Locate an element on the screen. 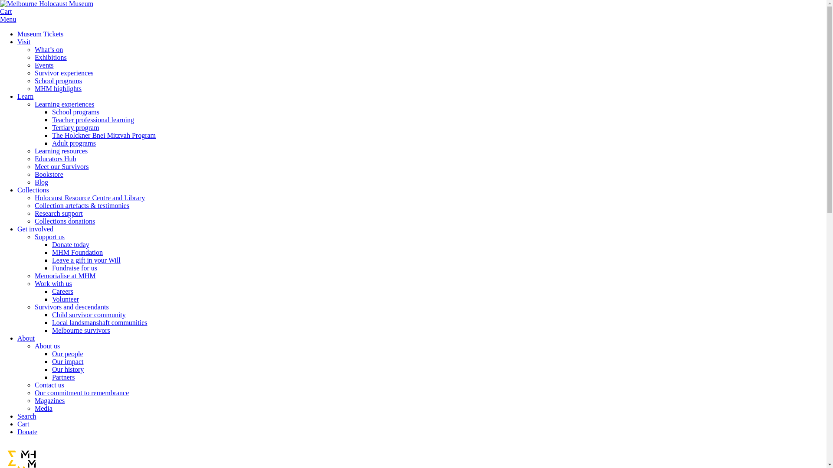  'Melbourne survivors' is located at coordinates (81, 330).